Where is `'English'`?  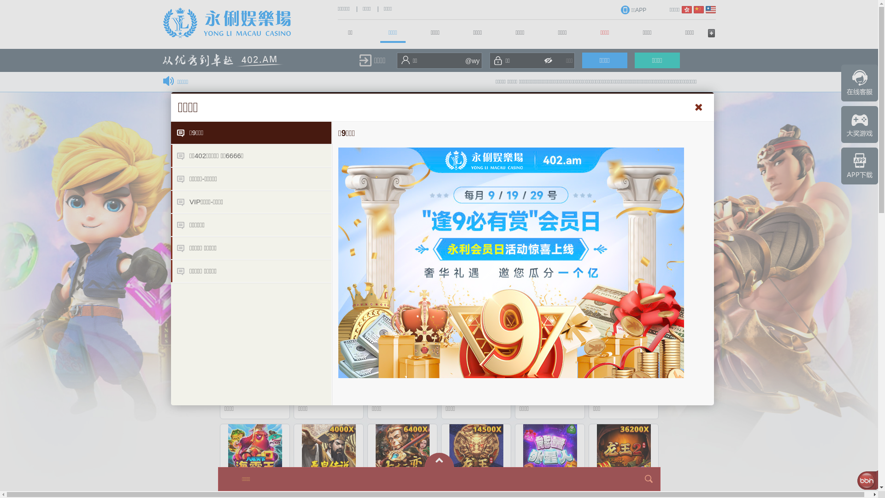 'English' is located at coordinates (709, 9).